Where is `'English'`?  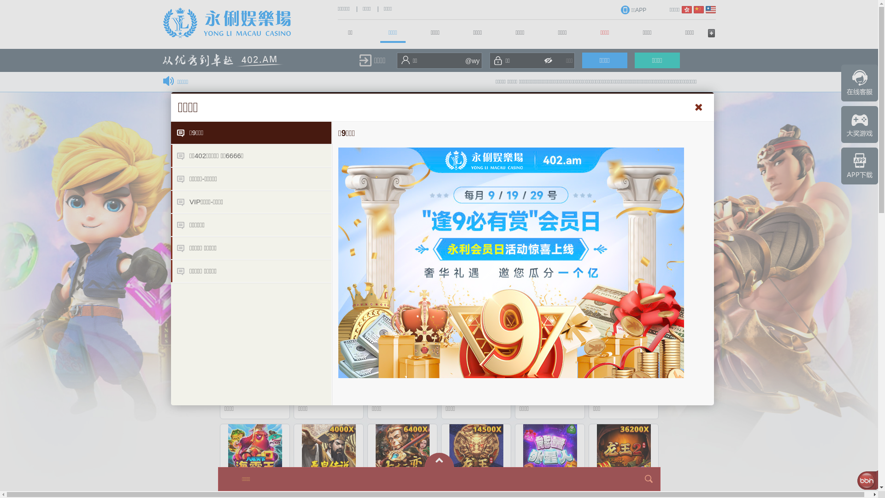 'English' is located at coordinates (709, 9).